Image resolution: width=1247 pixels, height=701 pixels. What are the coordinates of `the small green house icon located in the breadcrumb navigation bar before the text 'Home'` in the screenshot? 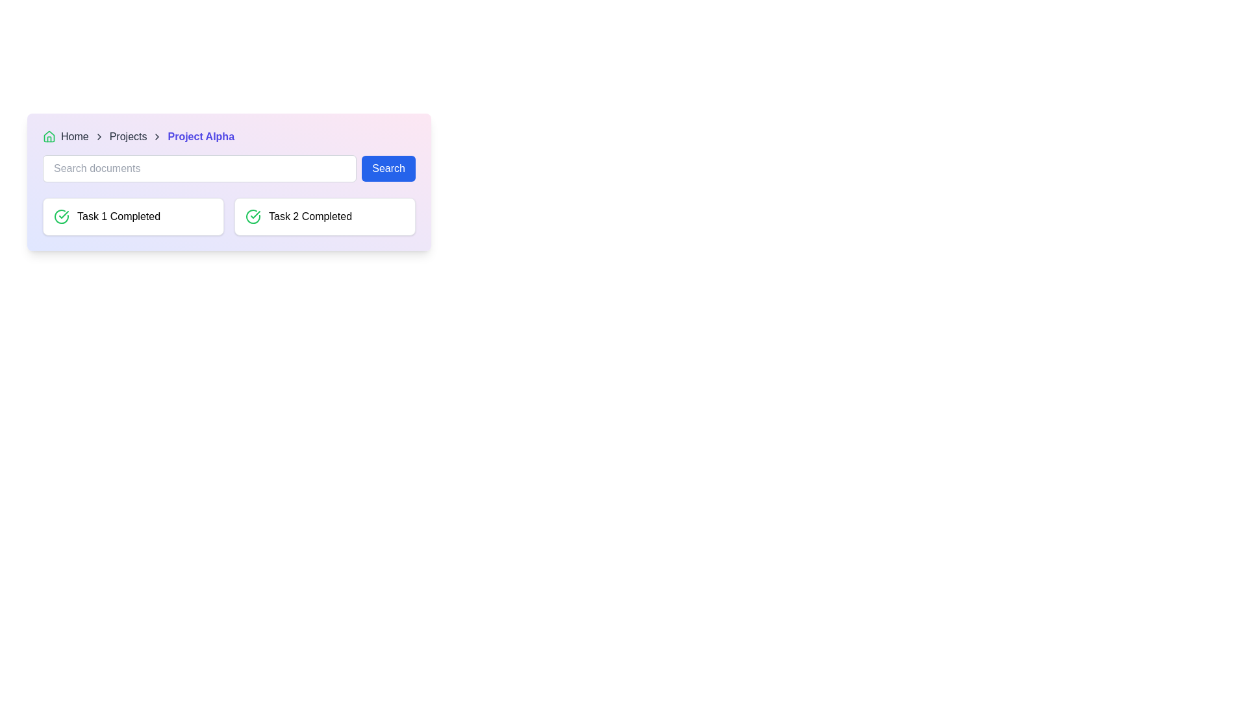 It's located at (49, 137).